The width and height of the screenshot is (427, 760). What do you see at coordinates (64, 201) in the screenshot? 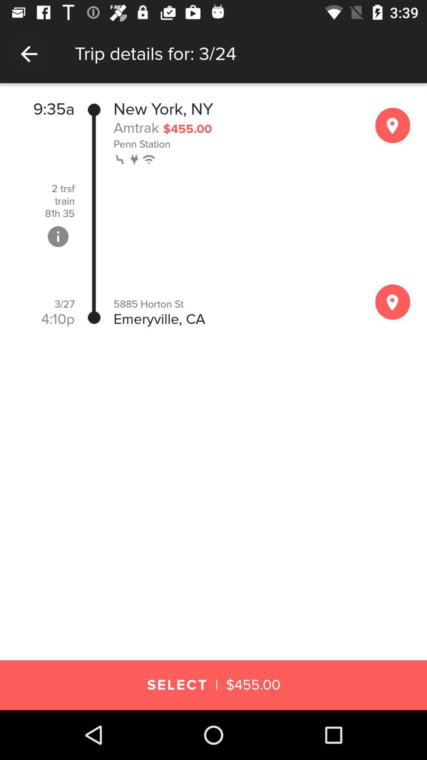
I see `train icon` at bounding box center [64, 201].